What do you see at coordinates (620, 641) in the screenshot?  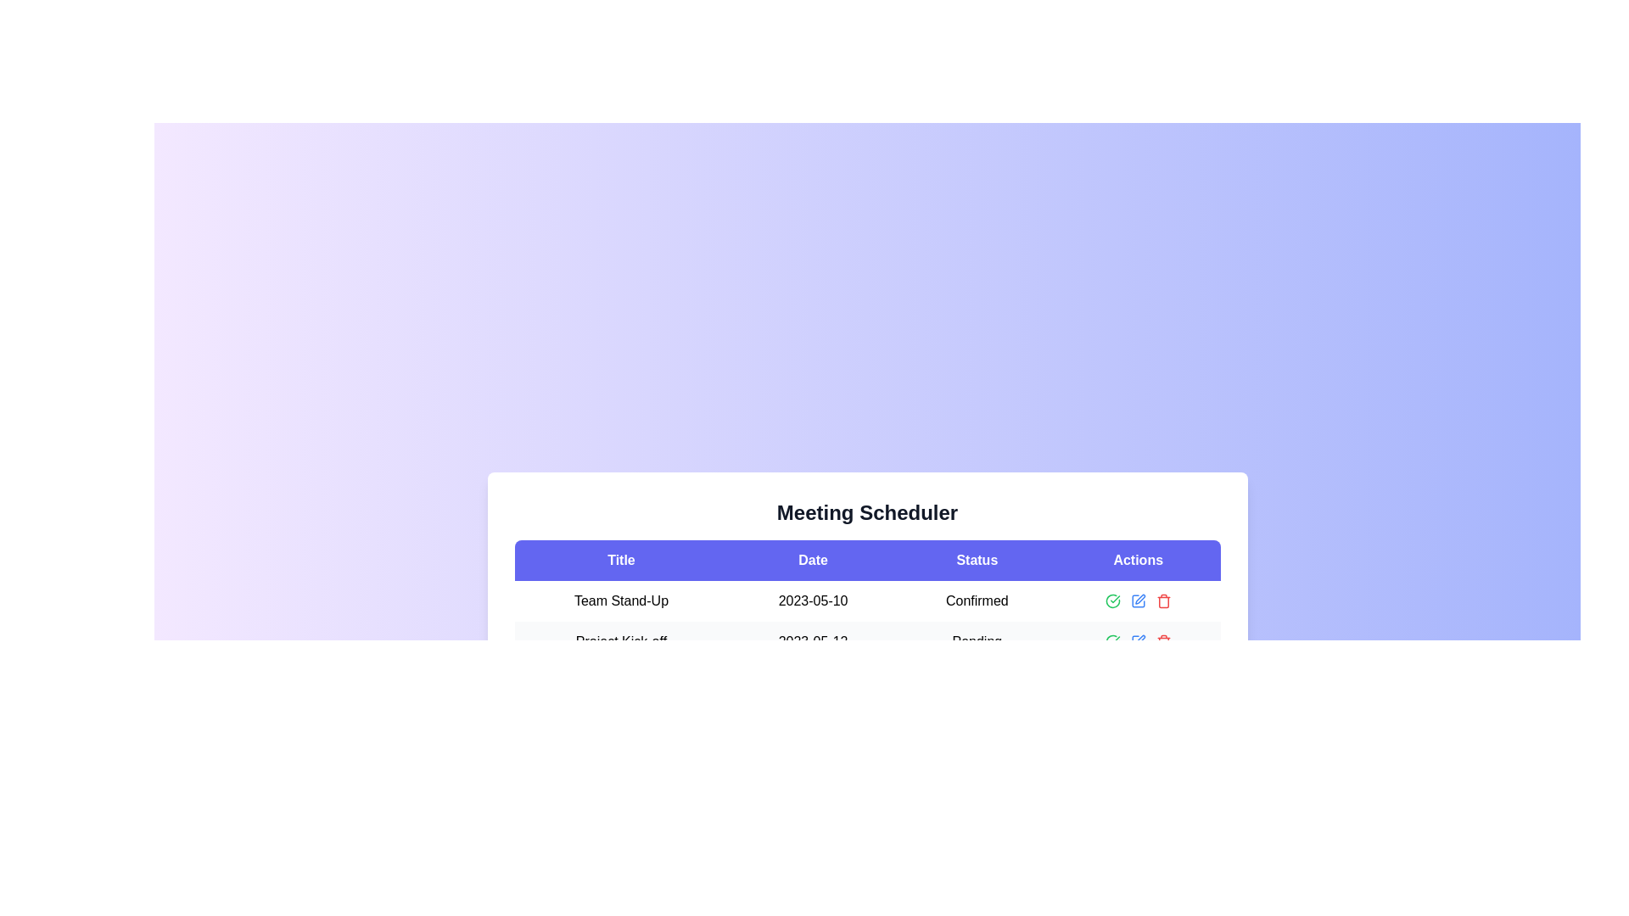 I see `the static text label that serves as an identifier for a specific project or task within the table, located under the 'Title' heading` at bounding box center [620, 641].